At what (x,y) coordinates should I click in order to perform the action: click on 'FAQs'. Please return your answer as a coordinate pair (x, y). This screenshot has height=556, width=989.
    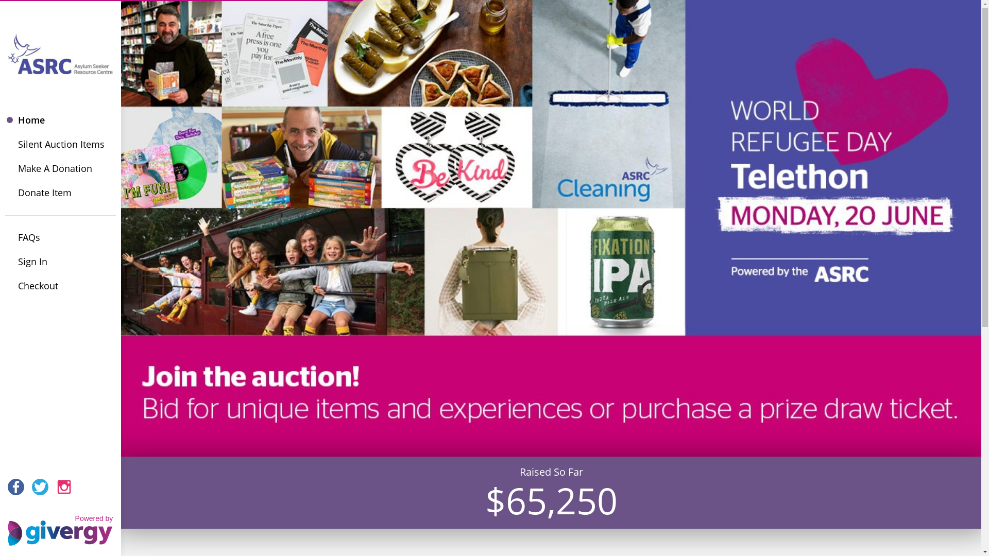
    Looking at the image, I should click on (60, 237).